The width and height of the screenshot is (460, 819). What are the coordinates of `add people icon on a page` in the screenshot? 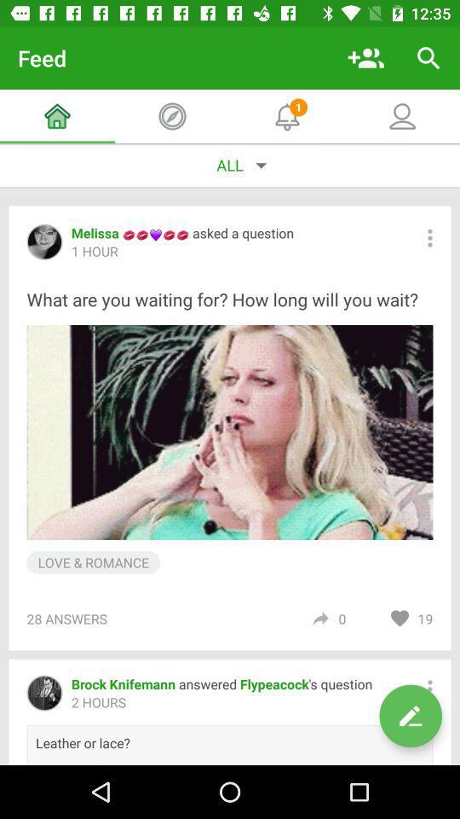 It's located at (365, 58).